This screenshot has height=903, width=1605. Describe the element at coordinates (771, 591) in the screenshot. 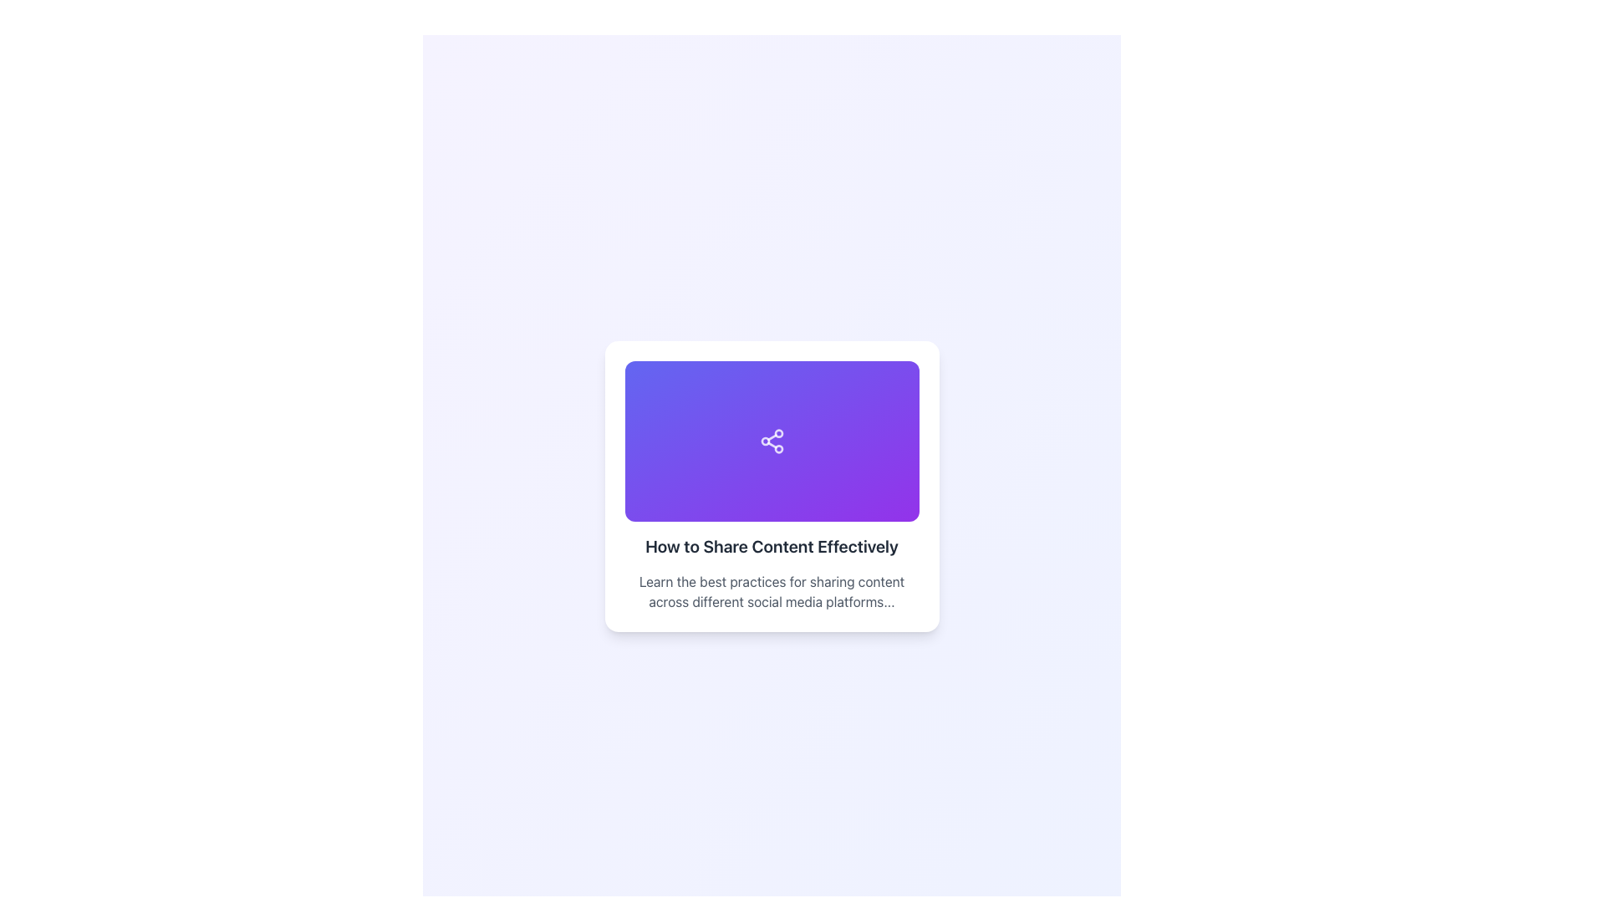

I see `the Text Block containing the phrase 'Learn the best practices for sharing content across different social media platforms...', styled in muted gray, which is located below the header 'How to Share Content Effectively'` at that location.